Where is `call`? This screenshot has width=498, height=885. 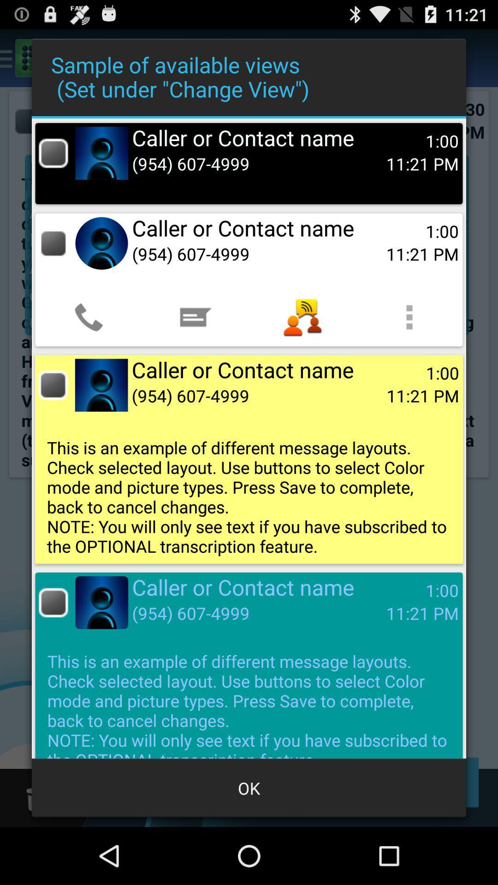 call is located at coordinates (53, 243).